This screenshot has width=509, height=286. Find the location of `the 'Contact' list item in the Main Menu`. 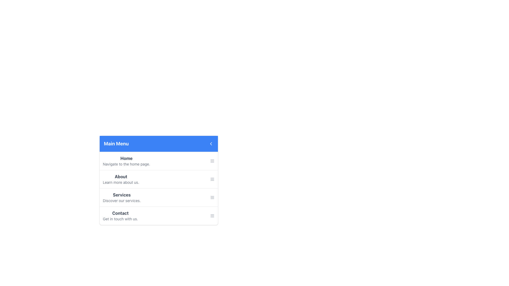

the 'Contact' list item in the Main Menu is located at coordinates (159, 215).